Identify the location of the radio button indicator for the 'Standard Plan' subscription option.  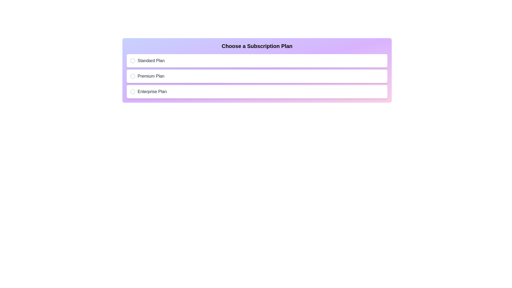
(133, 60).